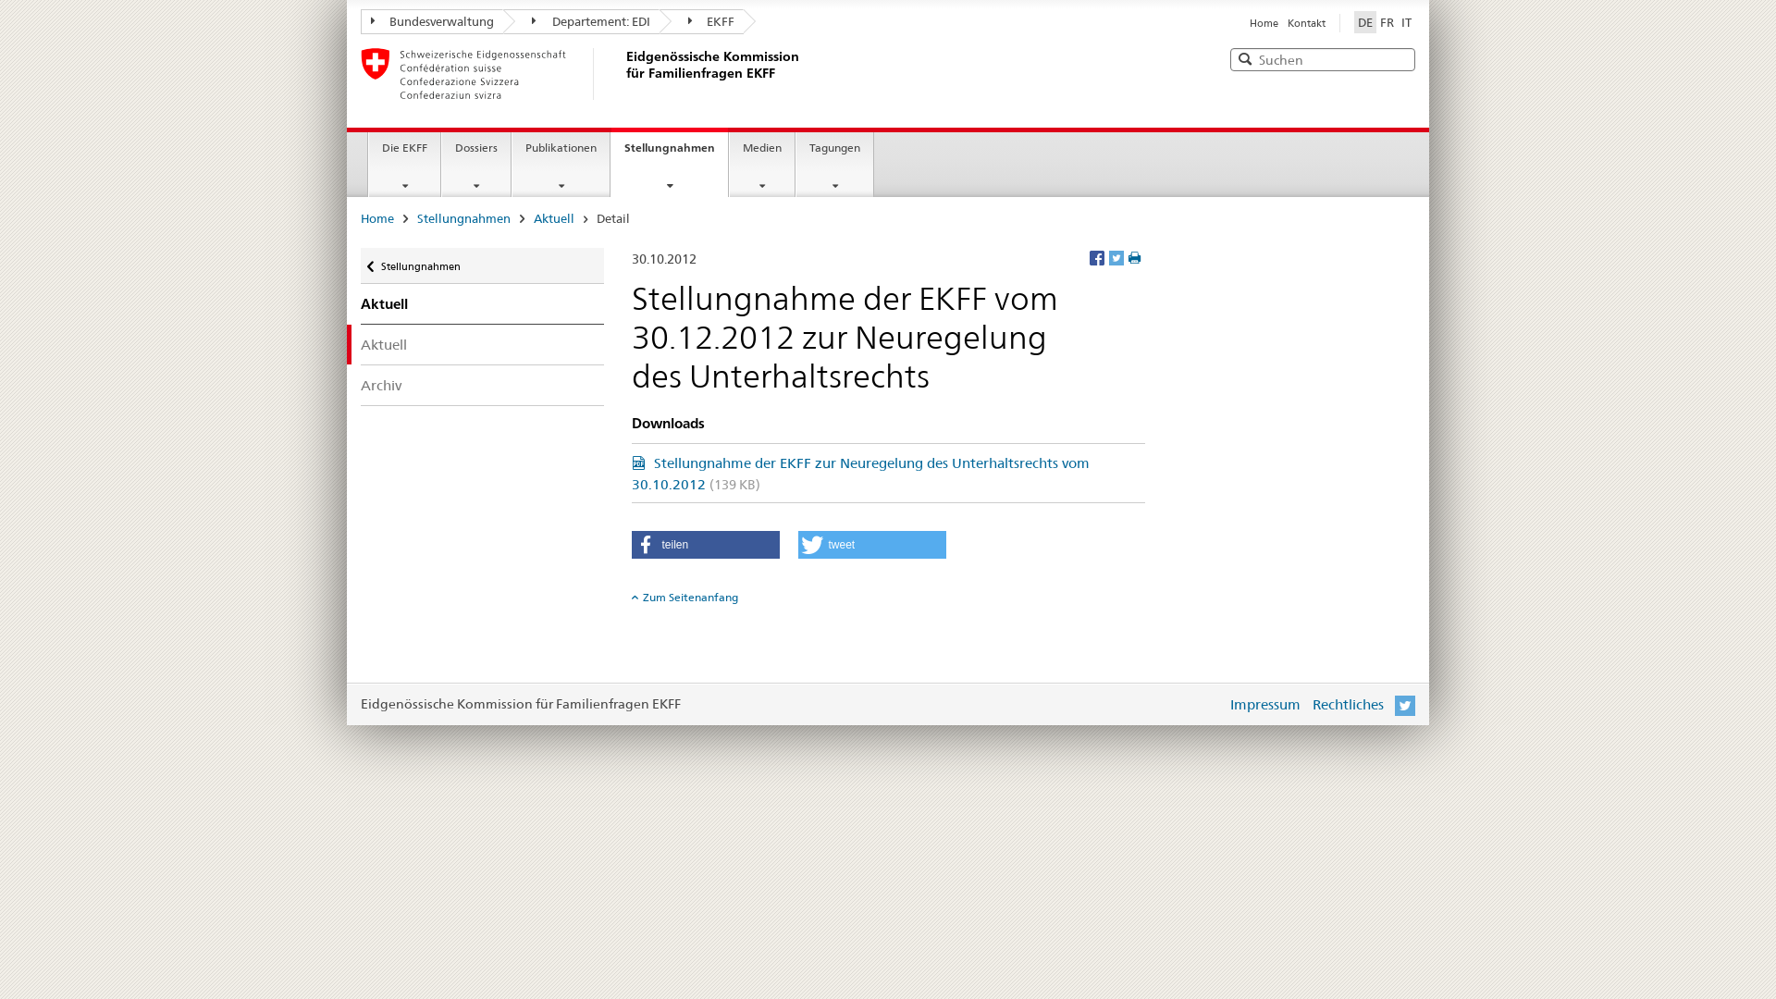  What do you see at coordinates (482, 265) in the screenshot?
I see `'Stellungnahmen'` at bounding box center [482, 265].